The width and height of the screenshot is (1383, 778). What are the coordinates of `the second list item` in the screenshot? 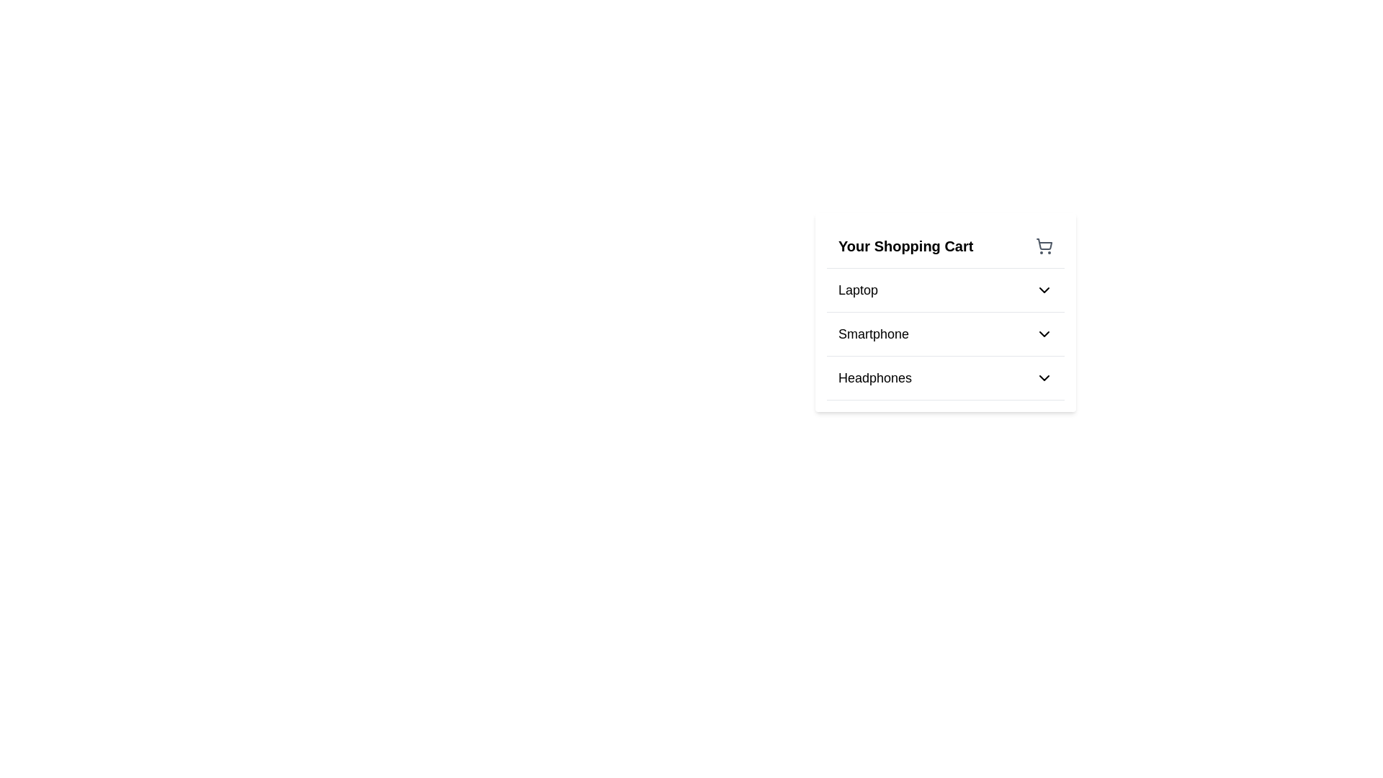 It's located at (946, 312).